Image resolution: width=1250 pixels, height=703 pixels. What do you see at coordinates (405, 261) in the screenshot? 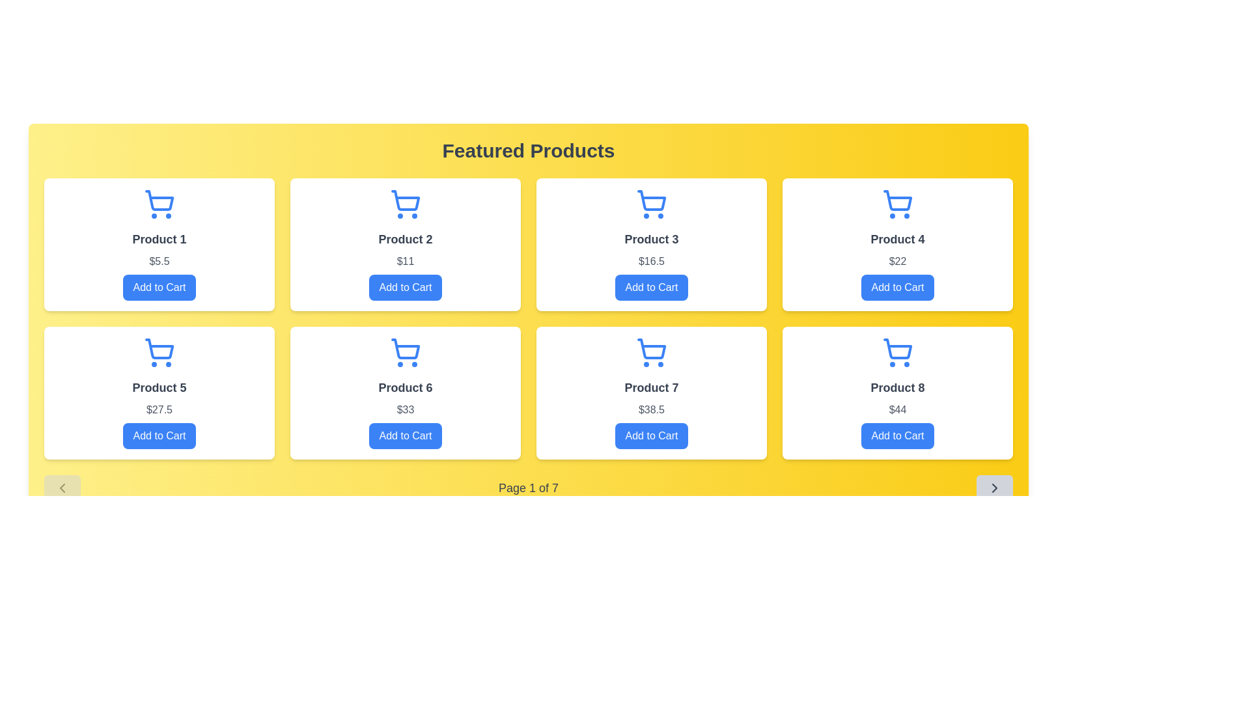
I see `the price display of 'Product 2', which shows the cost as $11, located below the product name and above the 'Add to Cart' button` at bounding box center [405, 261].